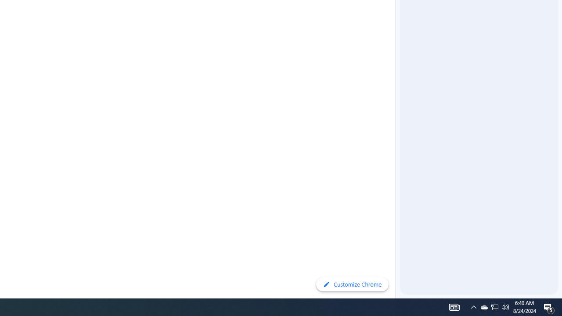  What do you see at coordinates (397, 17) in the screenshot?
I see `'Side Panel Resize Handle'` at bounding box center [397, 17].